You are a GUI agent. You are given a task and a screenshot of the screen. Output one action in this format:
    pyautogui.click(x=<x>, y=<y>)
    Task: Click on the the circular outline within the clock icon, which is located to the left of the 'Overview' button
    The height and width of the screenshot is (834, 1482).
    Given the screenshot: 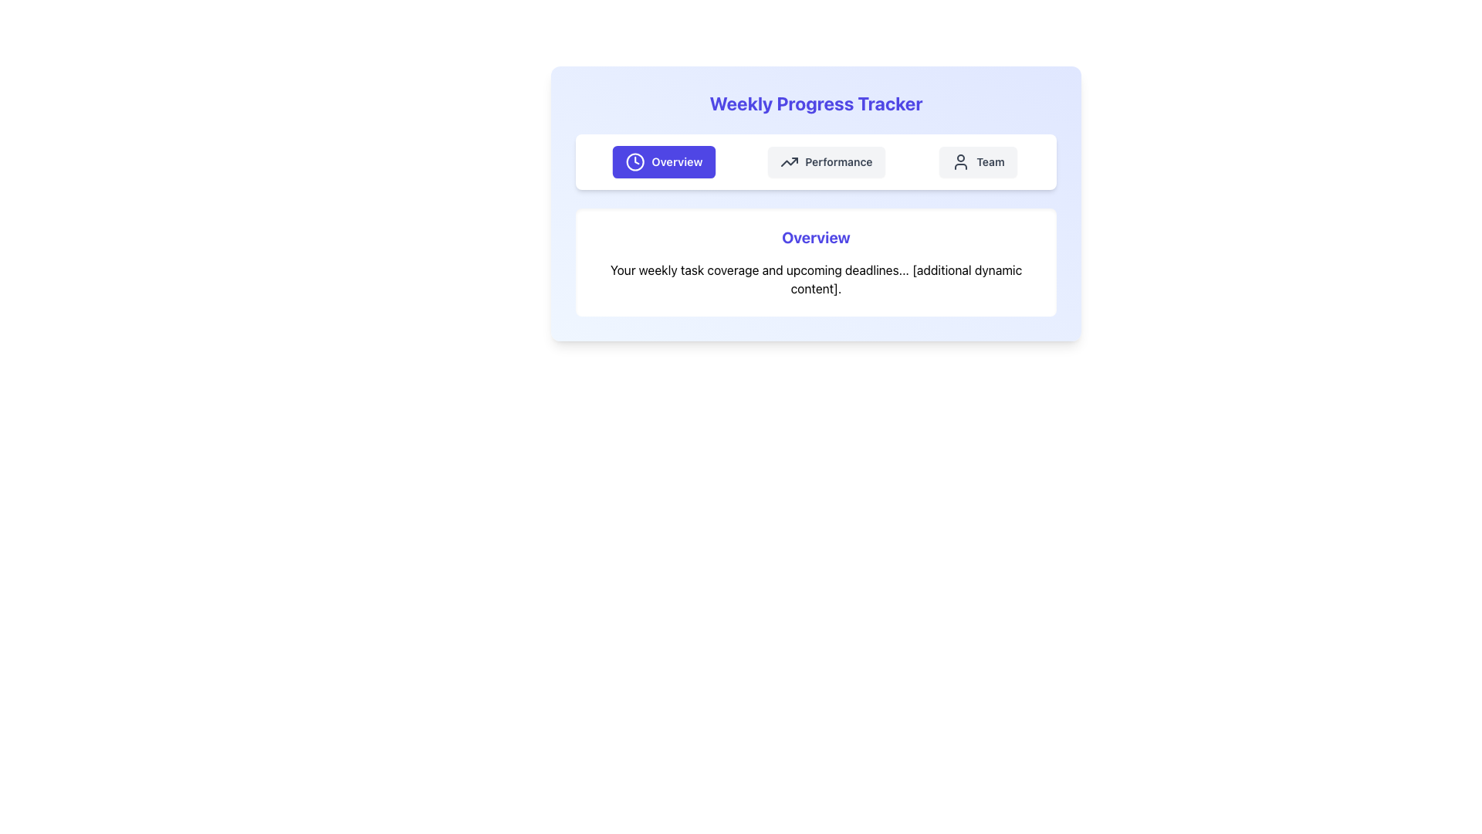 What is the action you would take?
    pyautogui.click(x=635, y=161)
    